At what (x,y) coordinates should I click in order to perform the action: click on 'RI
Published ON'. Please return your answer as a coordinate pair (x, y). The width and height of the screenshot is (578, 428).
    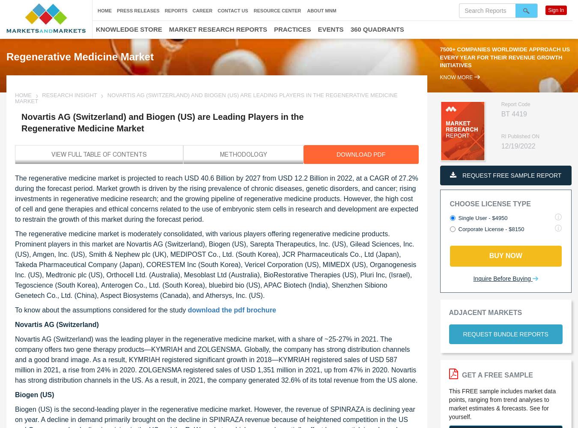
    Looking at the image, I should click on (520, 136).